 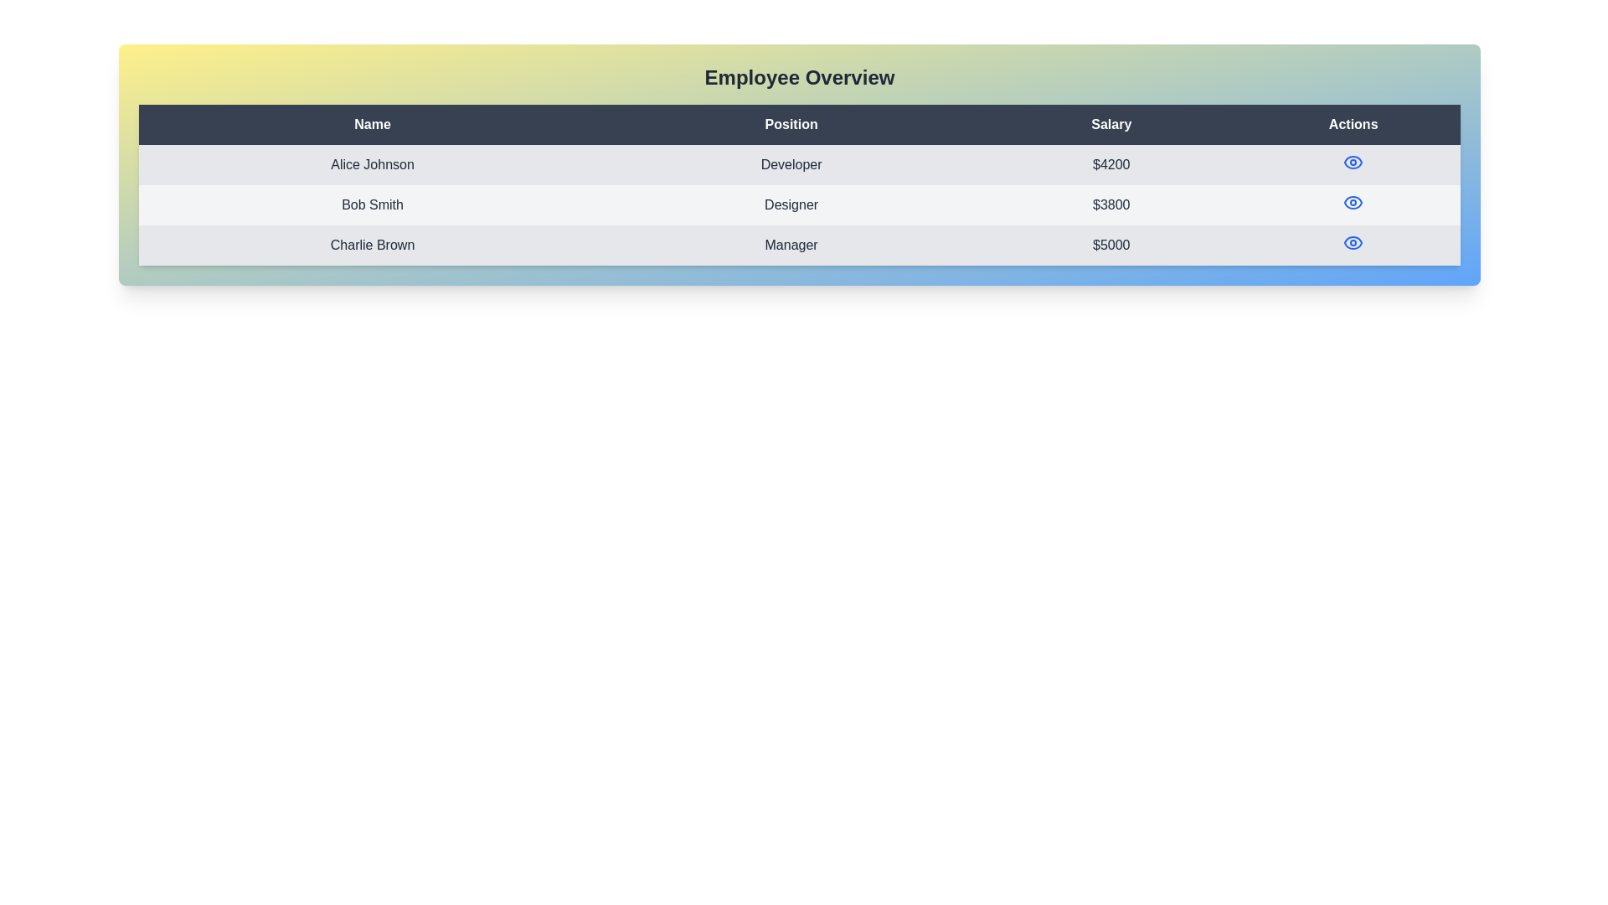 I want to click on the eye icon button in the 'Actions' column of the last row in the 'Employee Overview' table, so click(x=1353, y=242).